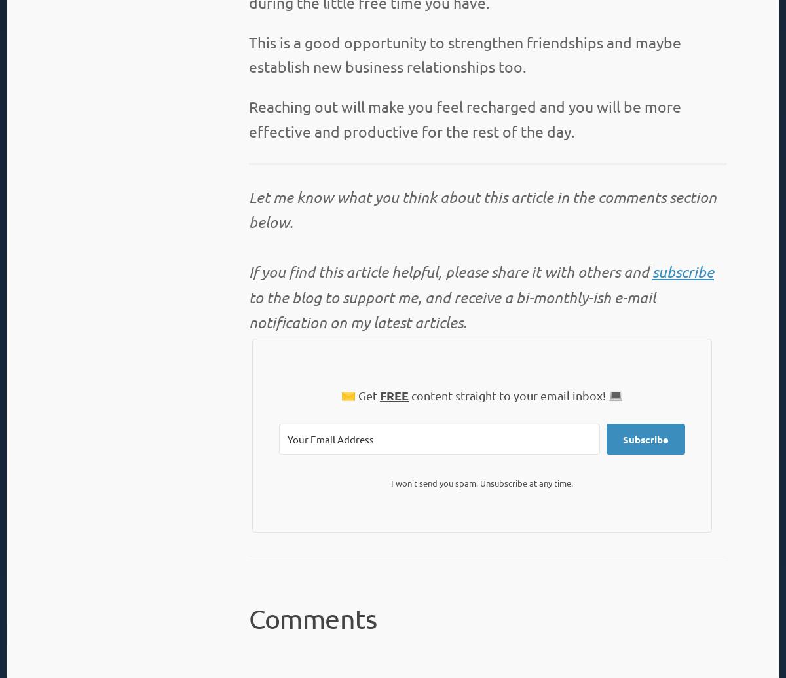  Describe the element at coordinates (379, 394) in the screenshot. I see `'FREE'` at that location.